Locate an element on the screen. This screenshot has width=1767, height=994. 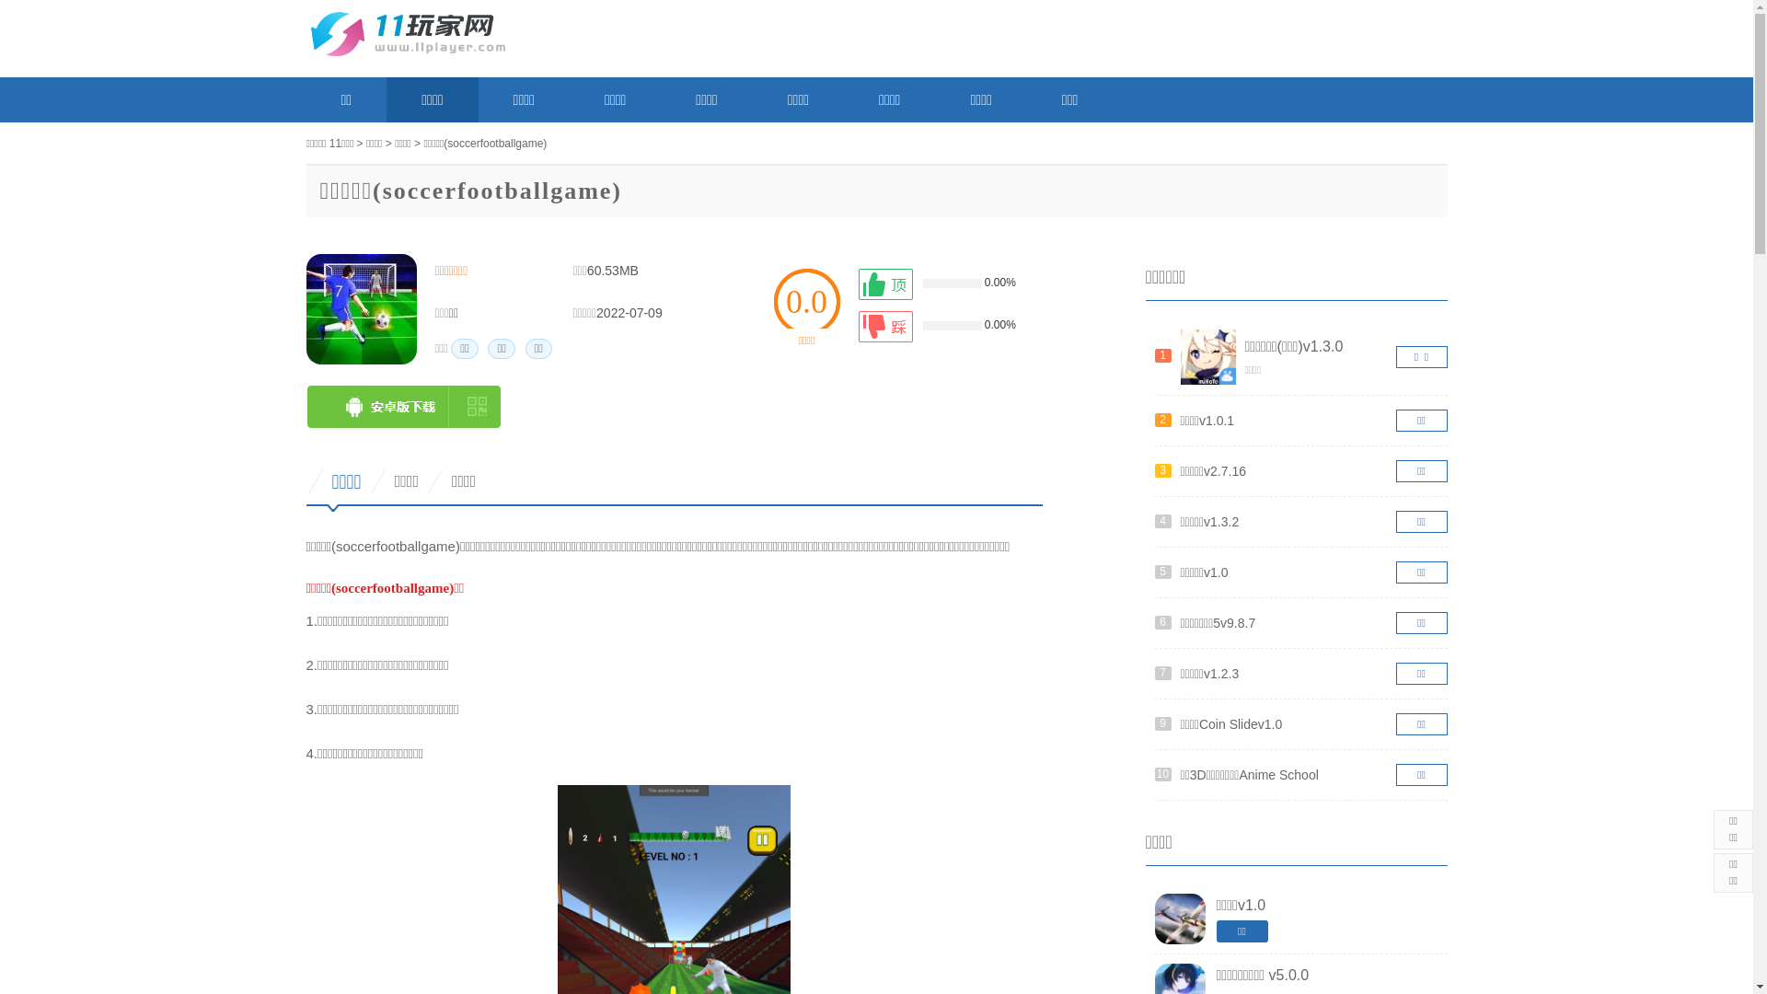
'0.00%' is located at coordinates (945, 283).